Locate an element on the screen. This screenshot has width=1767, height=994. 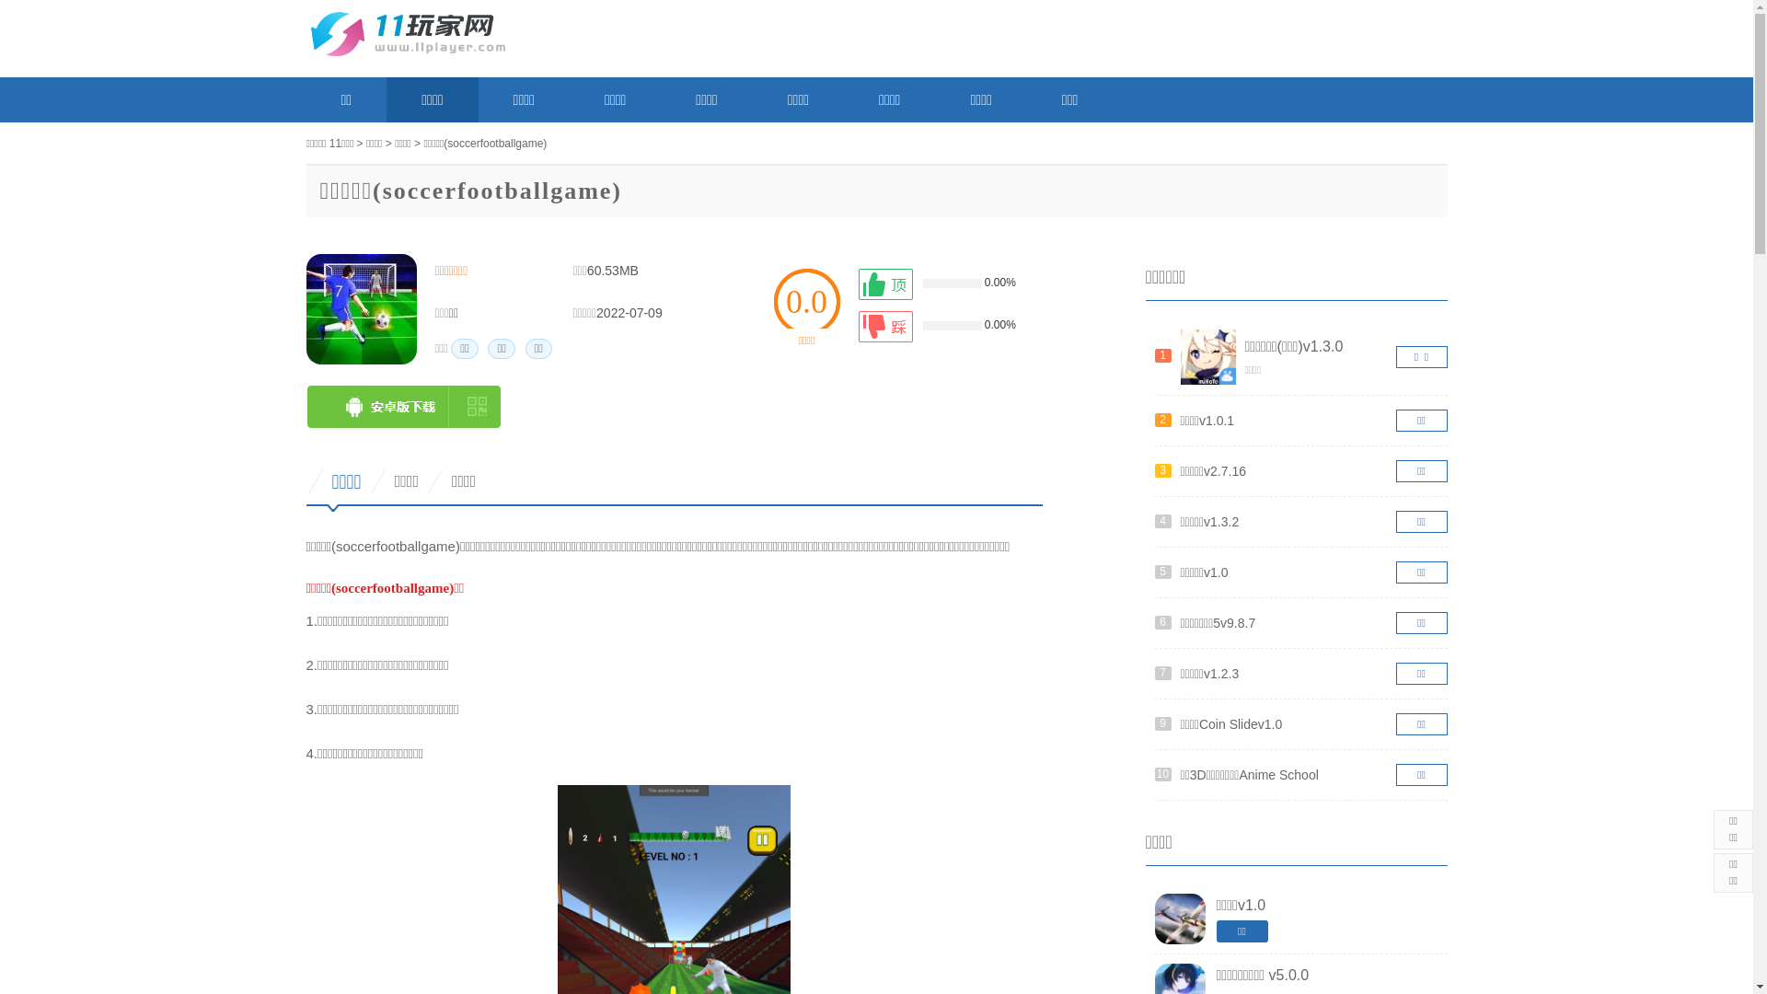
'0.00%' is located at coordinates (945, 283).